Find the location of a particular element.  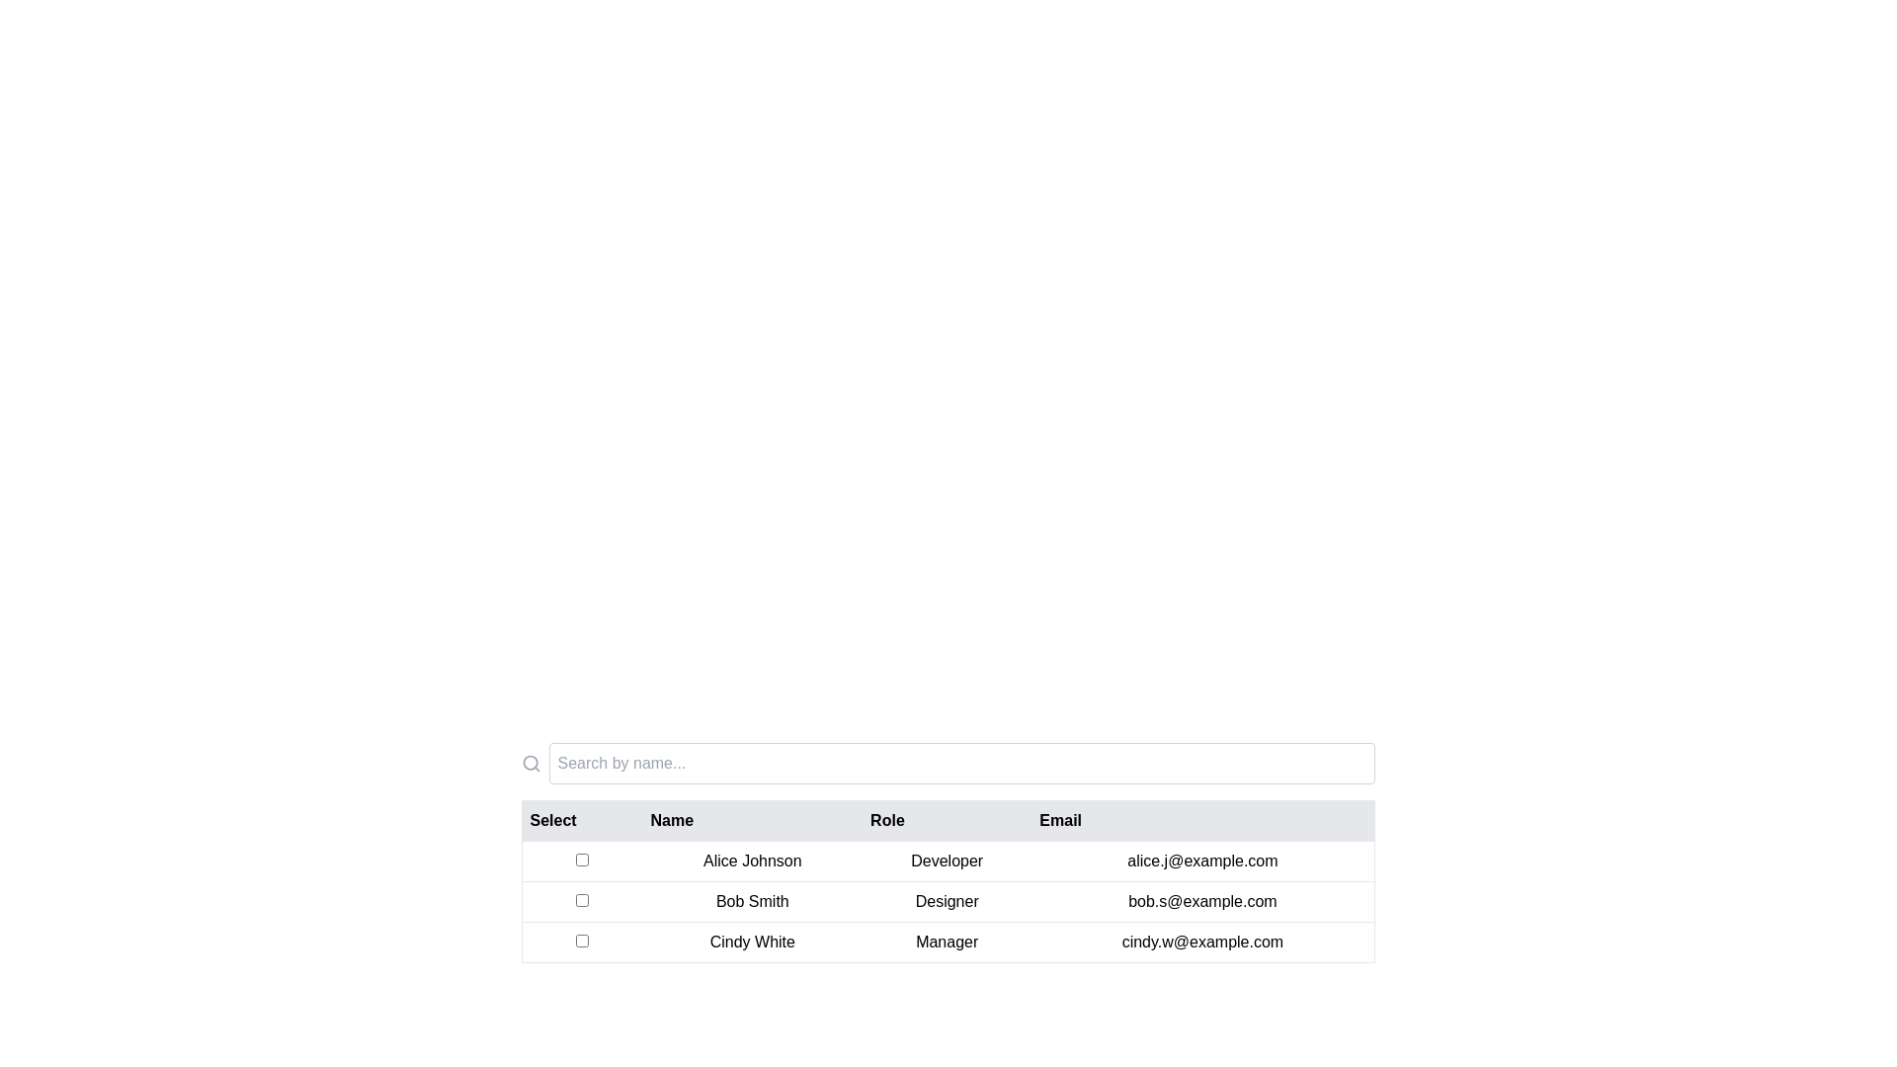

the static label indicating the role of 'Alice Johnson' in the table under the 'Role' column is located at coordinates (946, 860).